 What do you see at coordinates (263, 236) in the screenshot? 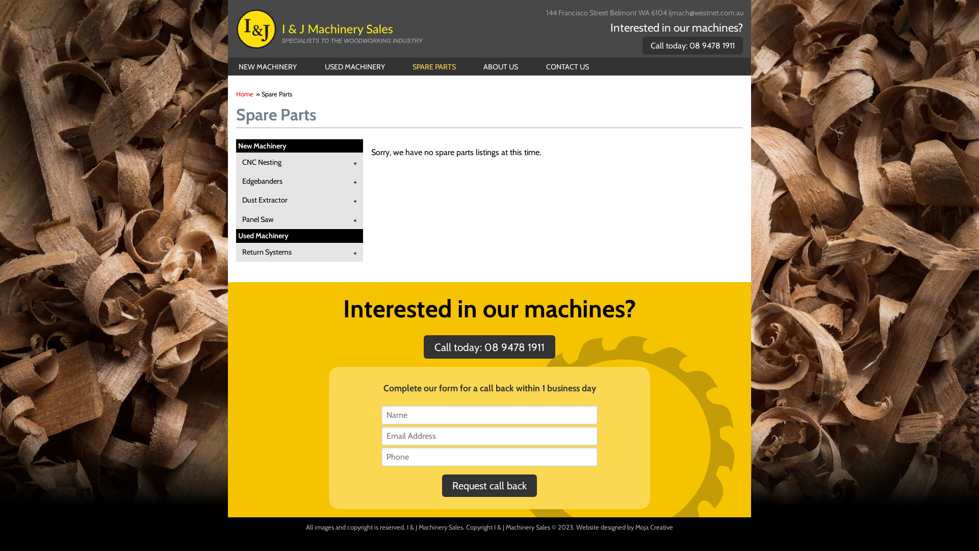
I see `'Used Machinery'` at bounding box center [263, 236].